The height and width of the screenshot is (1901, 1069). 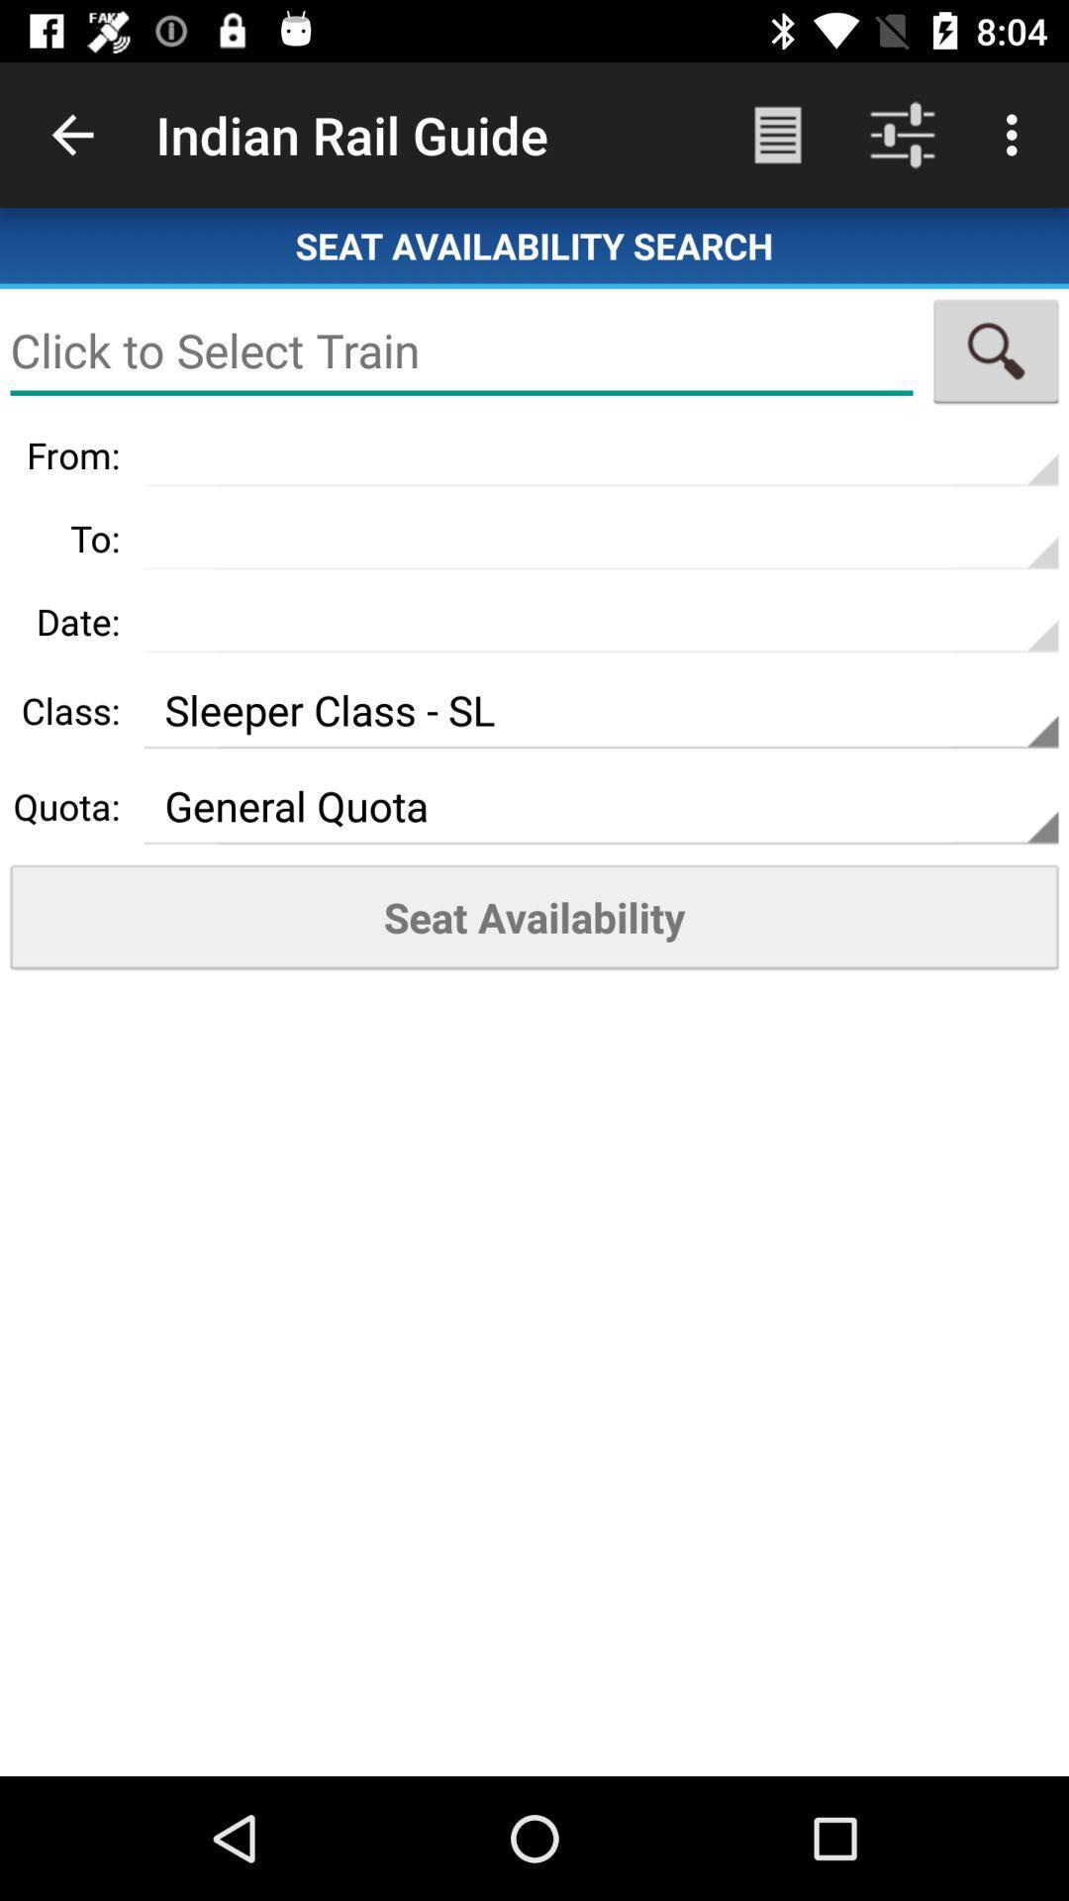 I want to click on search train, so click(x=996, y=350).